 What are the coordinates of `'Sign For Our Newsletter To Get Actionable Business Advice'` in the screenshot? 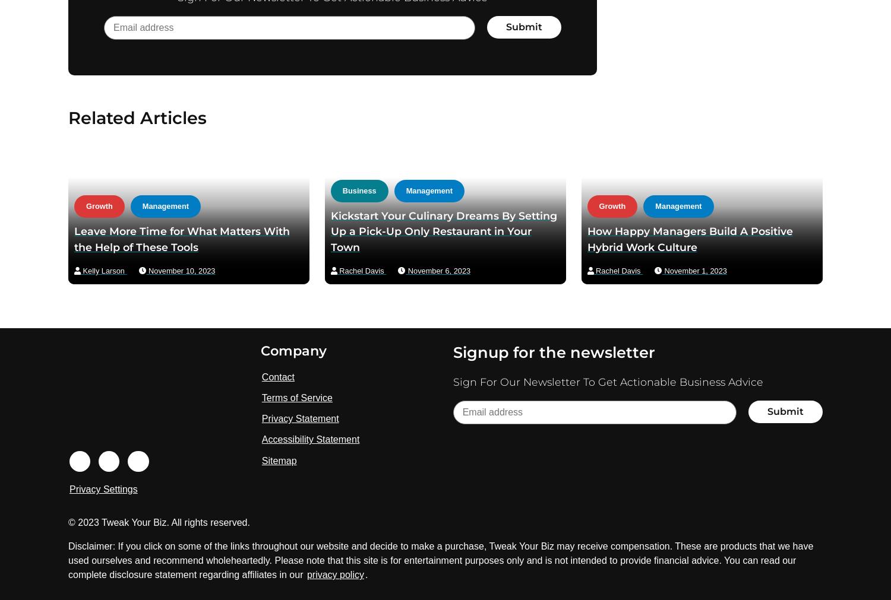 It's located at (608, 382).